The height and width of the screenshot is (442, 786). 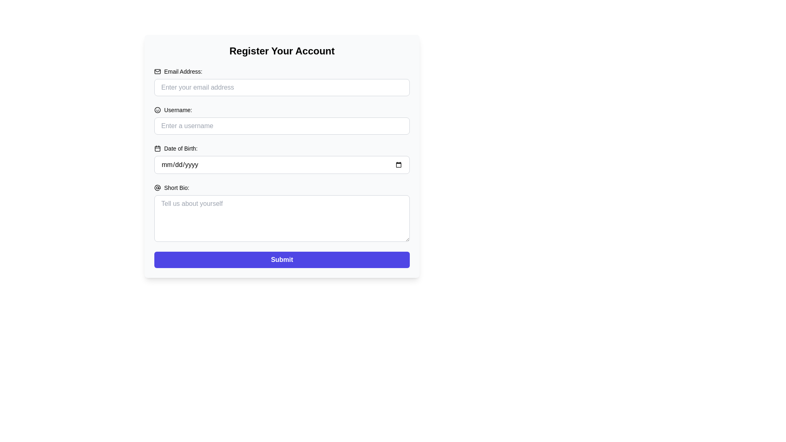 What do you see at coordinates (282, 120) in the screenshot?
I see `the username input field, which is the second input field in the form layout, located below the 'Email Address:' field and above the 'Date of Birth:' field` at bounding box center [282, 120].